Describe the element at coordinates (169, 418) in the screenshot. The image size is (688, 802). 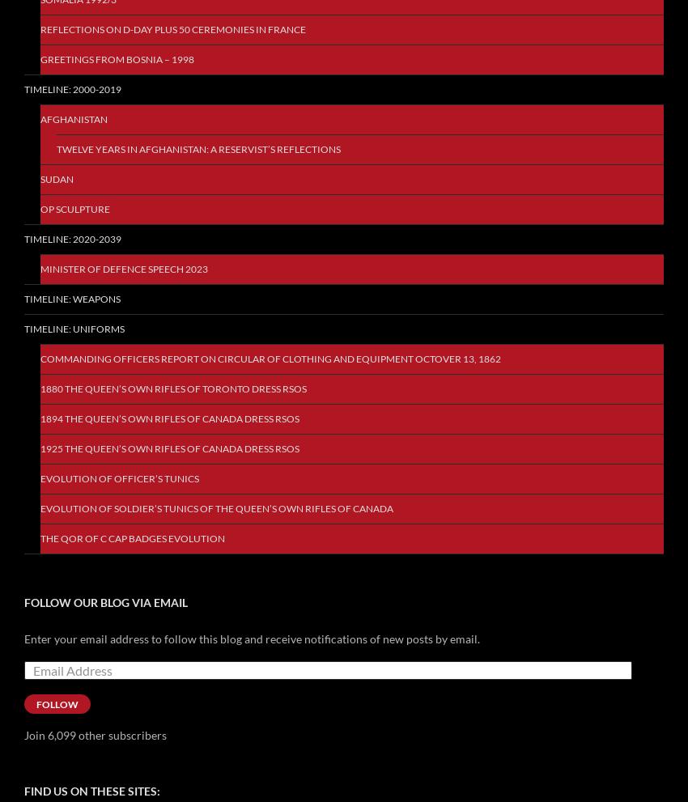
I see `'1894 The Queen’s Own Rifles of Canada Dress RSOs'` at that location.